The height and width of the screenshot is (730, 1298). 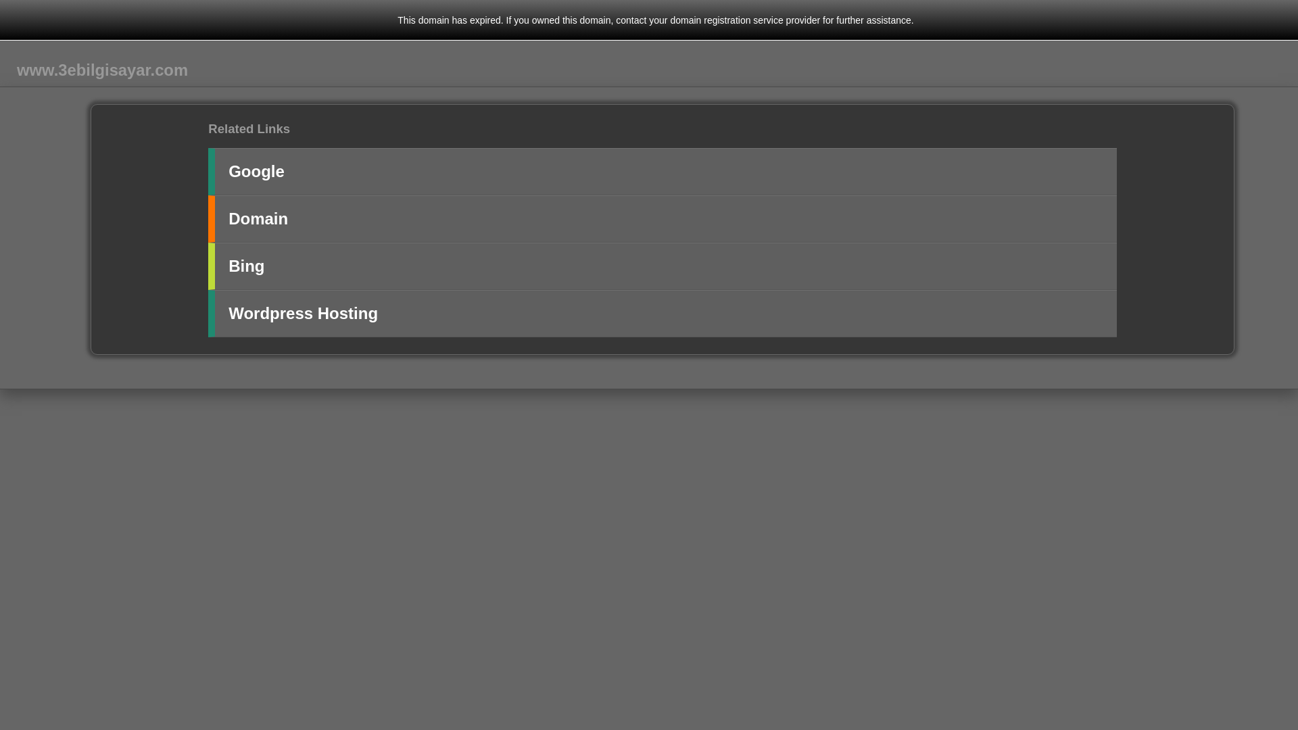 What do you see at coordinates (207, 171) in the screenshot?
I see `'Google'` at bounding box center [207, 171].